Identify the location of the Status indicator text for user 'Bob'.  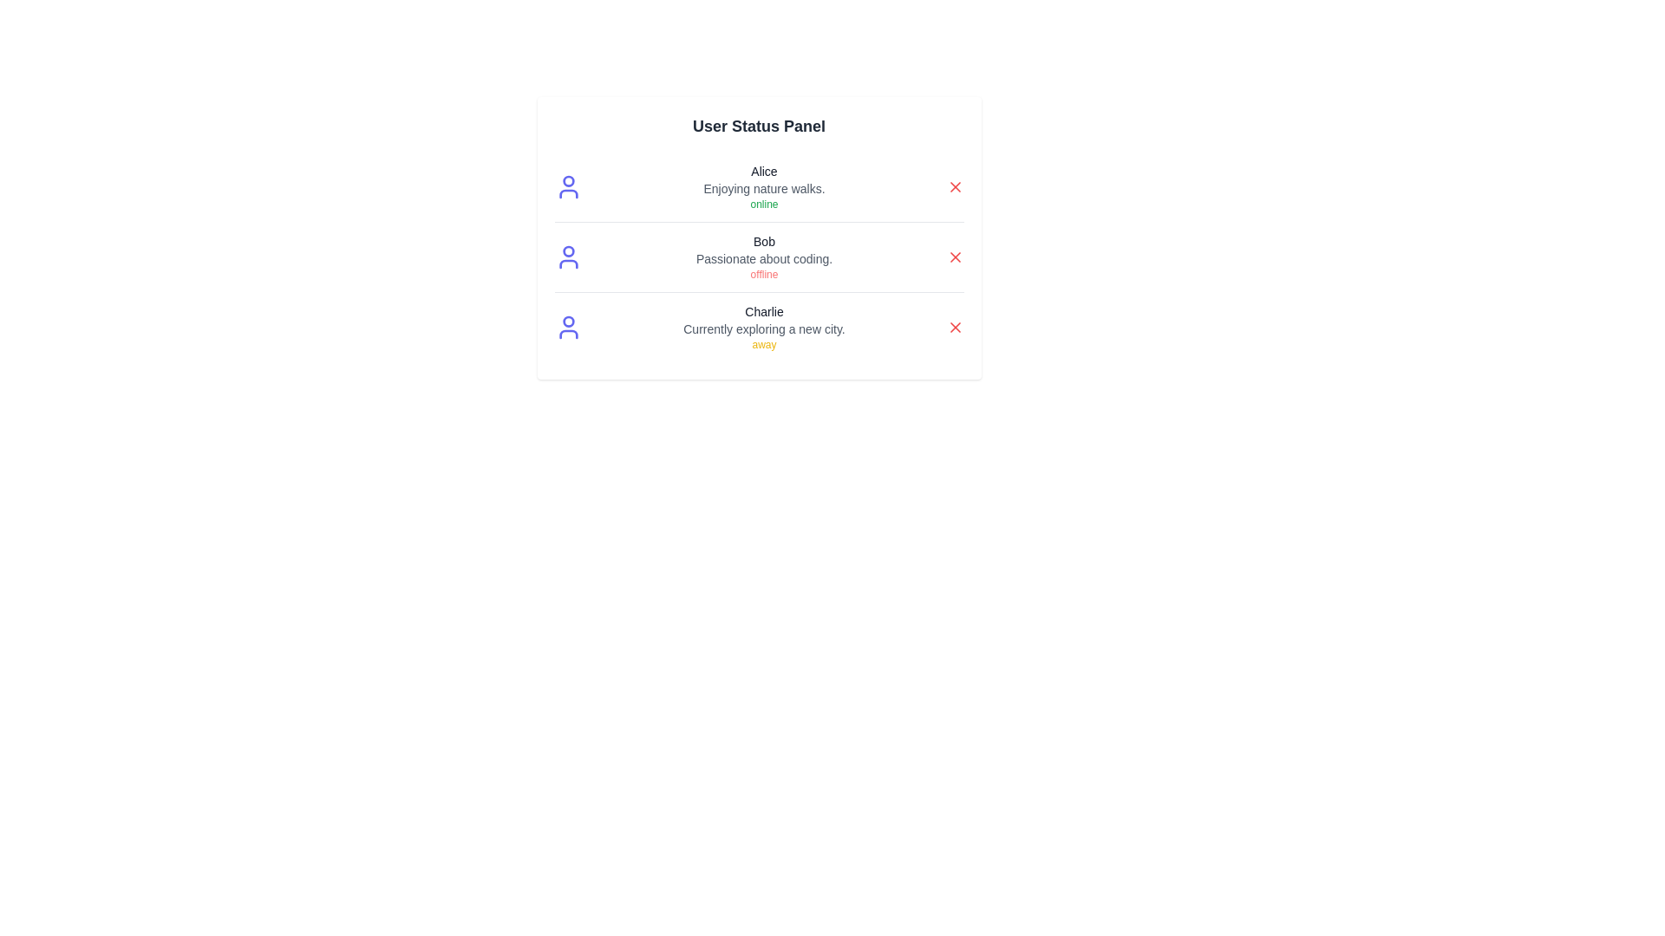
(763, 273).